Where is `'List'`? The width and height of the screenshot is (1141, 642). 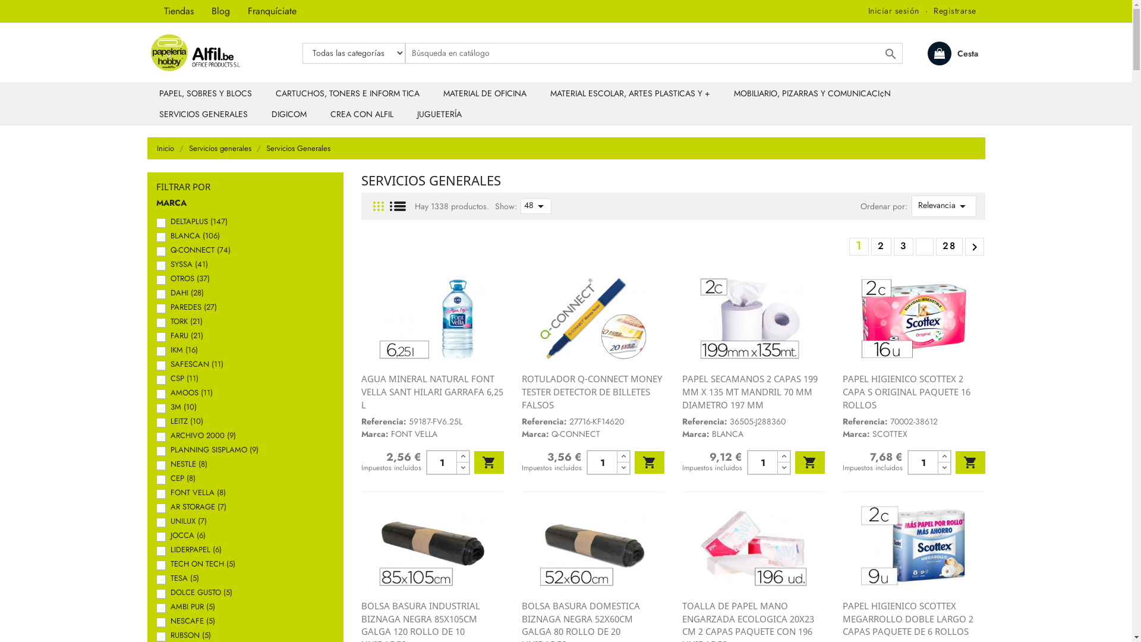
'List' is located at coordinates (390, 206).